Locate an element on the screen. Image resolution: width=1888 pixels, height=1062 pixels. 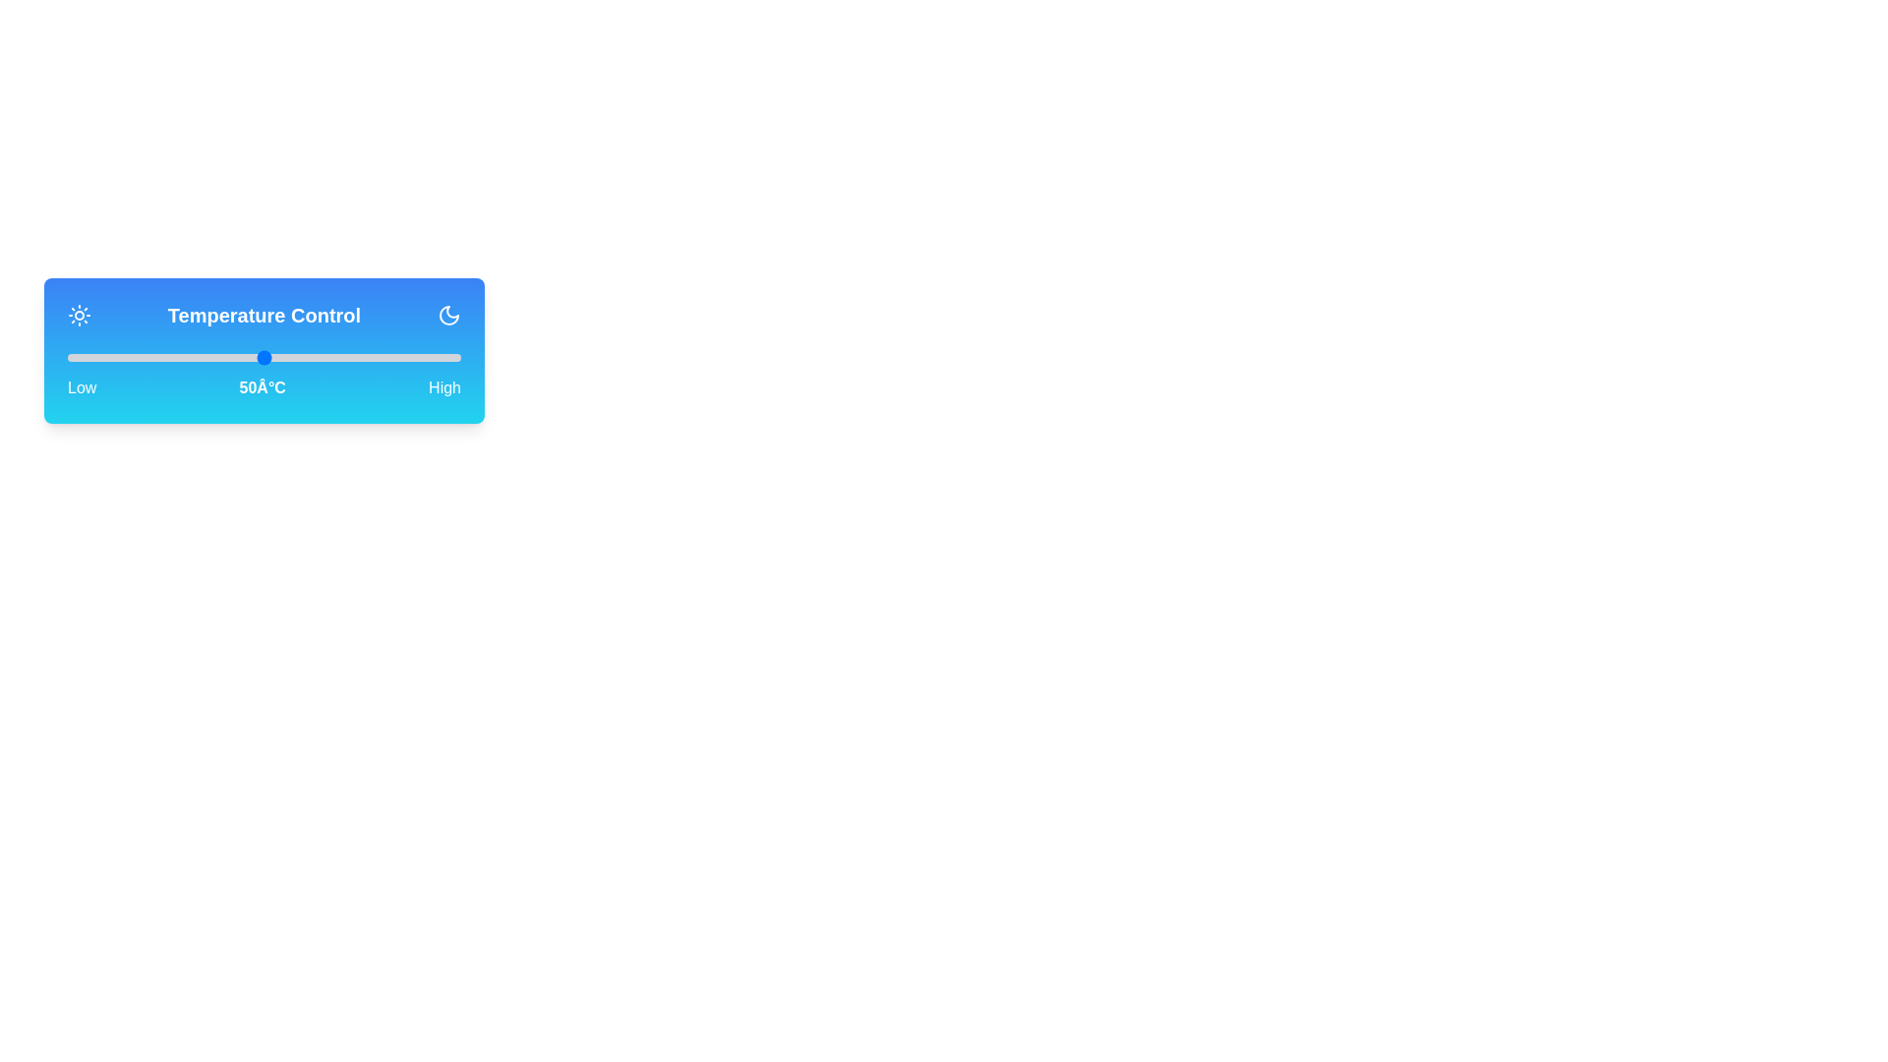
the sun icon to toggle the temperature control mode is located at coordinates (79, 314).